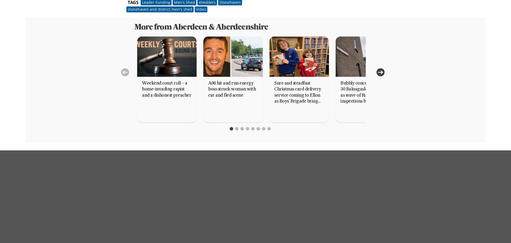  Describe the element at coordinates (211, 200) in the screenshot. I see `'Advertise with us'` at that location.